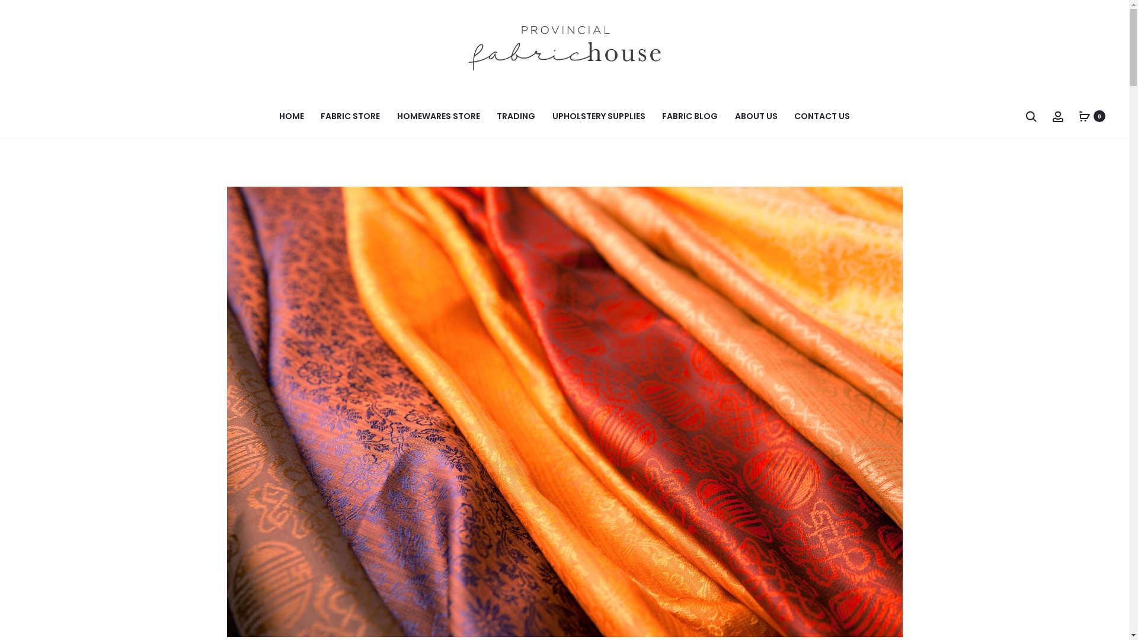 The height and width of the screenshot is (640, 1138). What do you see at coordinates (349, 116) in the screenshot?
I see `'FABRIC STORE'` at bounding box center [349, 116].